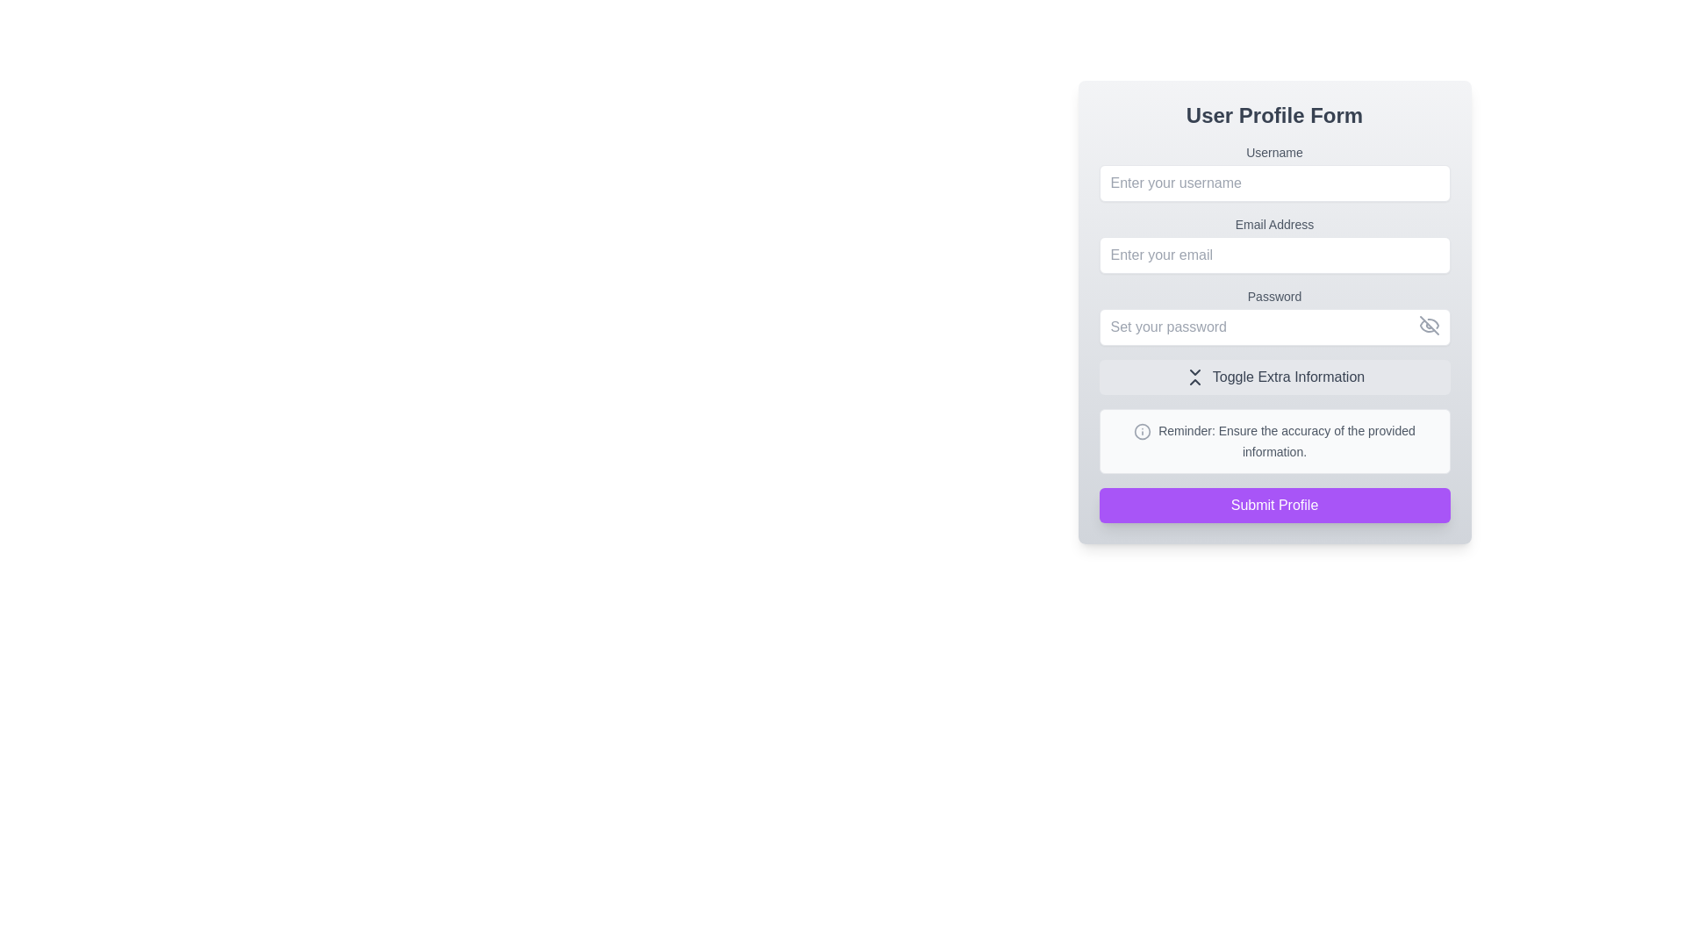 The image size is (1685, 948). Describe the element at coordinates (1274, 223) in the screenshot. I see `the Text label that describes the adjacent email input field` at that location.